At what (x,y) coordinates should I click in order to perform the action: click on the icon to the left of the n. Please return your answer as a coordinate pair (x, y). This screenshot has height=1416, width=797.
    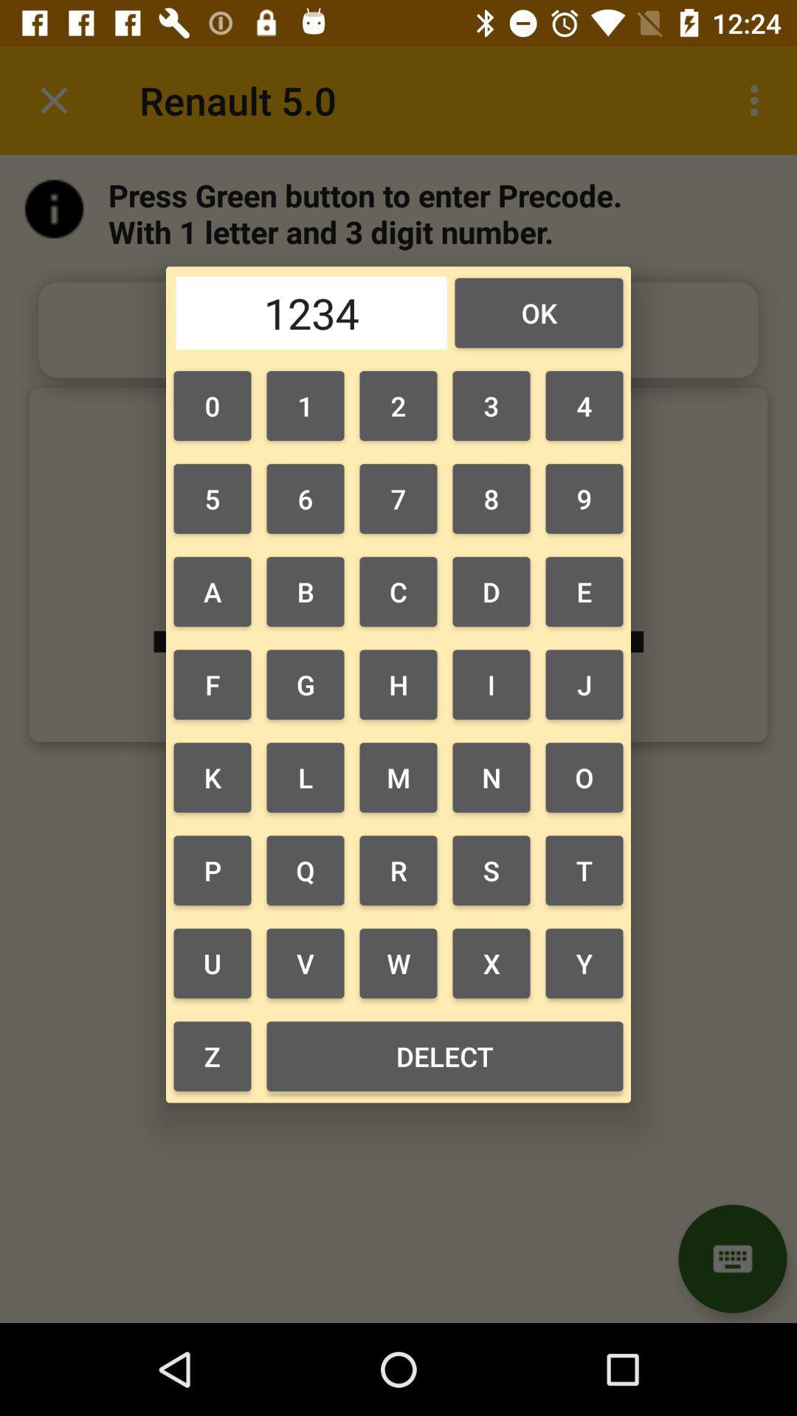
    Looking at the image, I should click on (398, 870).